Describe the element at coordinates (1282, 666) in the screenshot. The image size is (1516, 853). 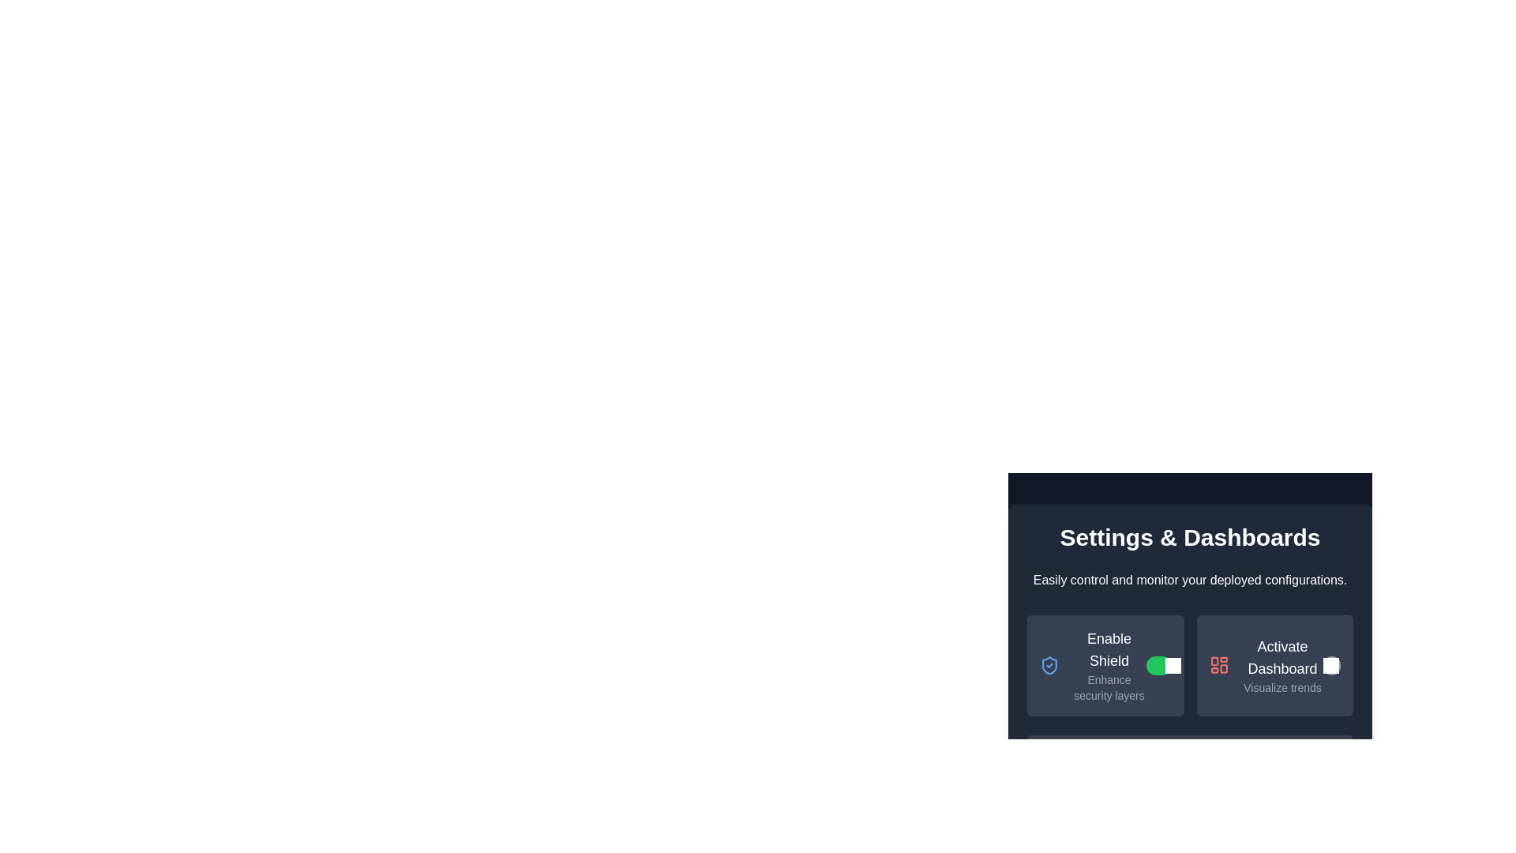
I see `the textual description label that provides information about the activation of the dashboard and its associated trend visualization feature, located within the 'Settings & Dashboards' panel, to the right of the 'Enable Shield' section` at that location.